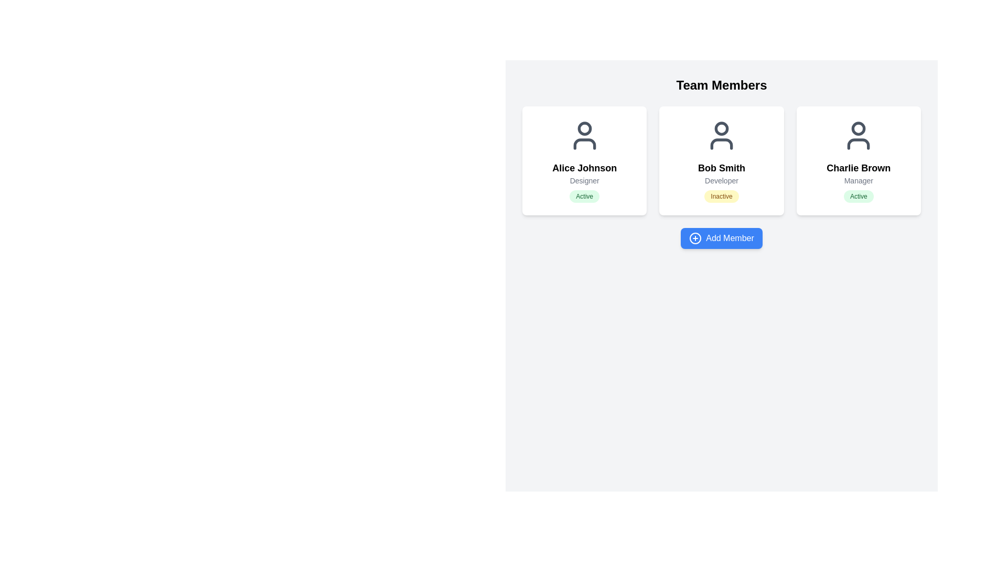 This screenshot has height=566, width=1007. What do you see at coordinates (859, 128) in the screenshot?
I see `the visual details of the decorative circle within the avatar icon of the card labeled 'Charlie Brown', which is positioned centrally and is smaller than the avatar's head graphic` at bounding box center [859, 128].